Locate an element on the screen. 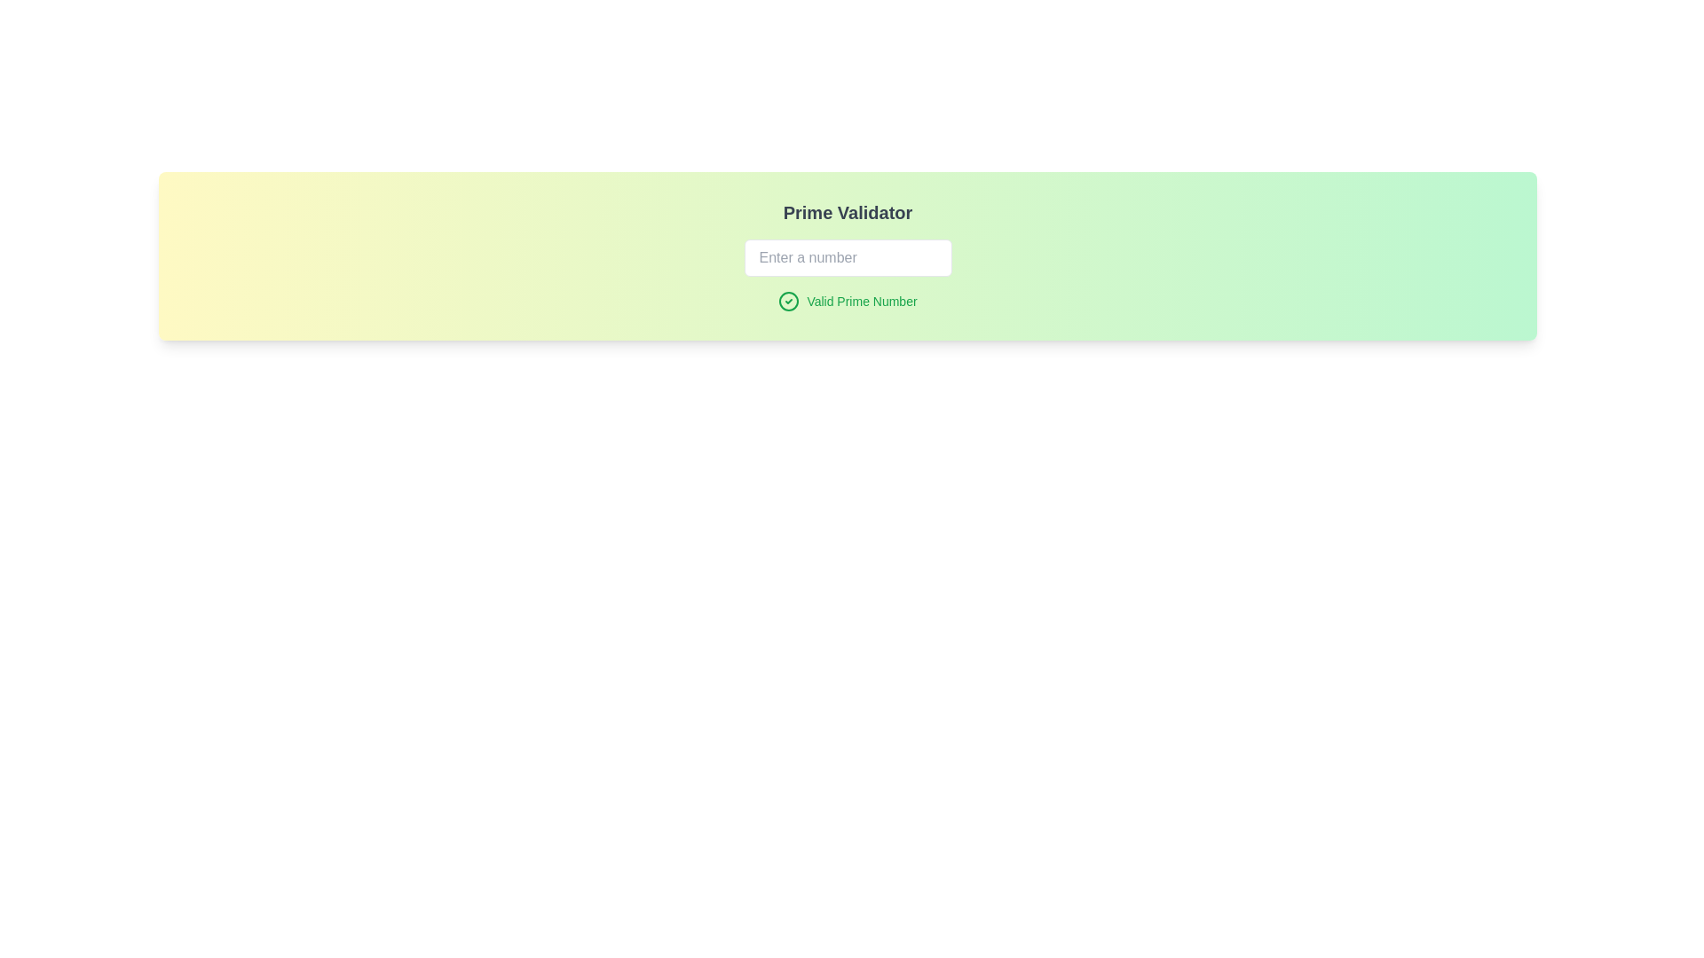 Image resolution: width=1704 pixels, height=958 pixels. the numeric input field located beneath the 'Prime Validator' title to focus on it is located at coordinates (847, 257).